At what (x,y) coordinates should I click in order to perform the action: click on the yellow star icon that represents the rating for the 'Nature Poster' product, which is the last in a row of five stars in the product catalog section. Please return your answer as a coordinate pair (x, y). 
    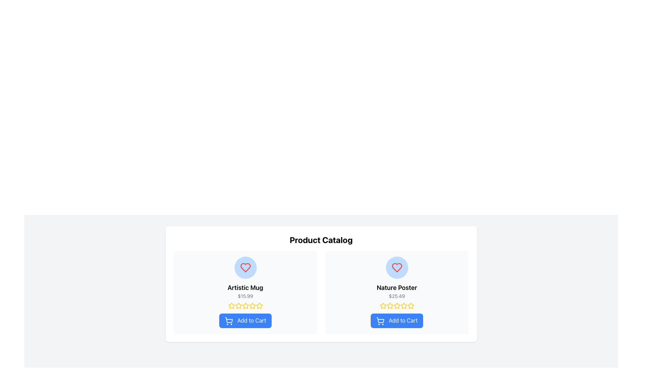
    Looking at the image, I should click on (411, 305).